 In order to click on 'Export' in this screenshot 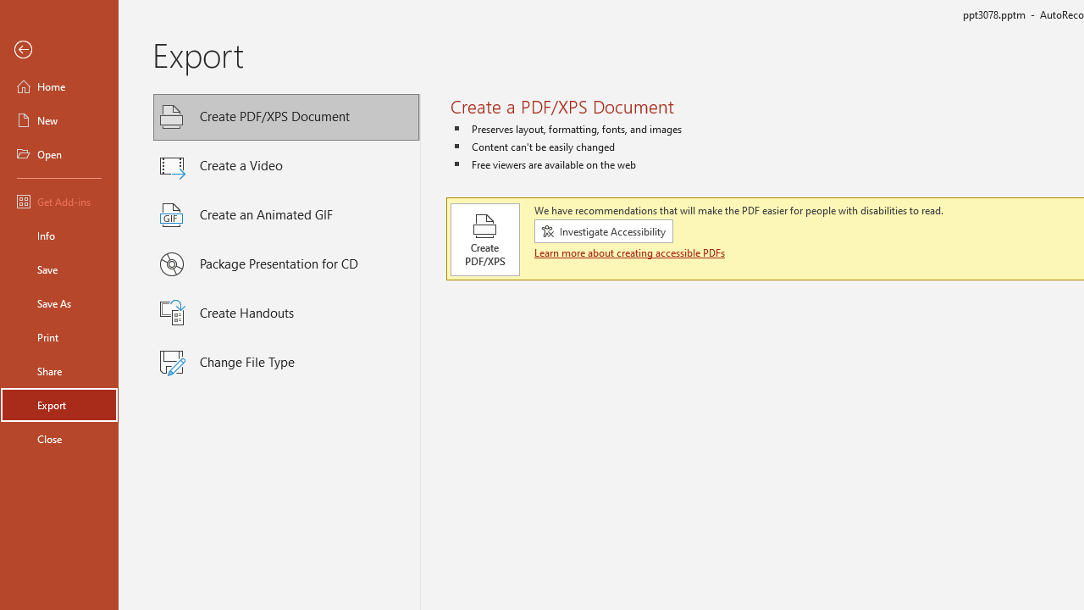, I will do `click(58, 405)`.